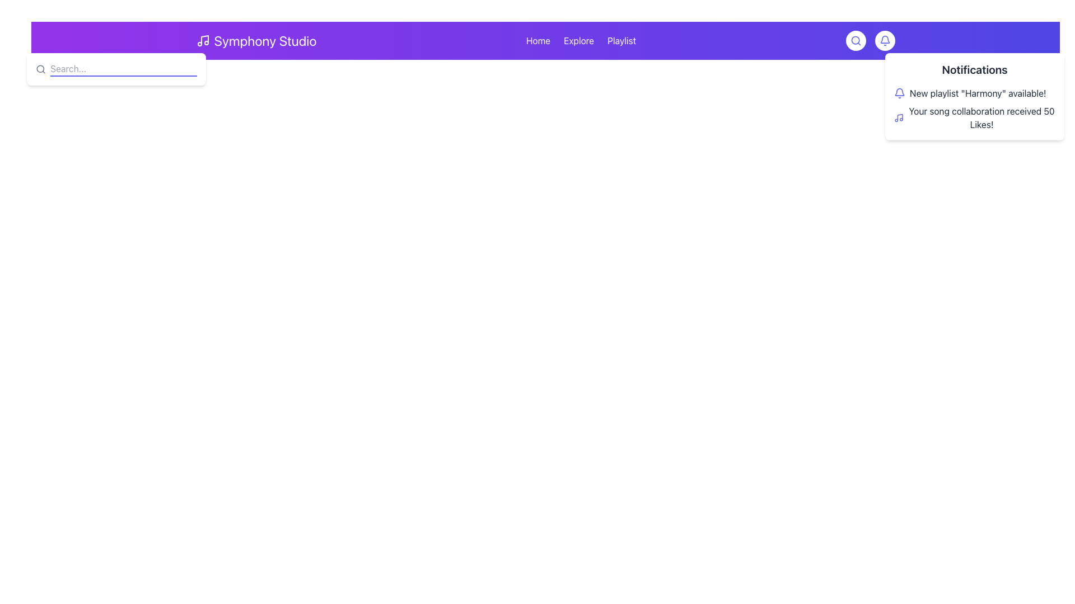 The height and width of the screenshot is (604, 1075). Describe the element at coordinates (265, 40) in the screenshot. I see `text label 'Symphony Studio' which is styled in white text on a purple background and is positioned in the header, to the right of a musical note icon` at that location.